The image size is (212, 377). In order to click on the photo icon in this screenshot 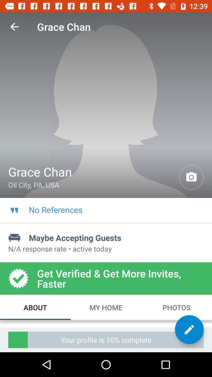, I will do `click(191, 177)`.